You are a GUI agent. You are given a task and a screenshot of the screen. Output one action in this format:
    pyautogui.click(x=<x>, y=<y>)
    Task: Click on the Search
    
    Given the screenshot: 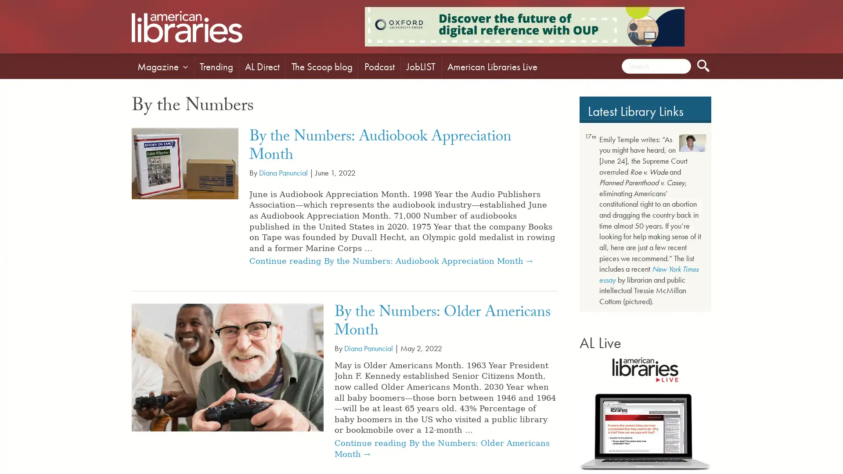 What is the action you would take?
    pyautogui.click(x=703, y=65)
    